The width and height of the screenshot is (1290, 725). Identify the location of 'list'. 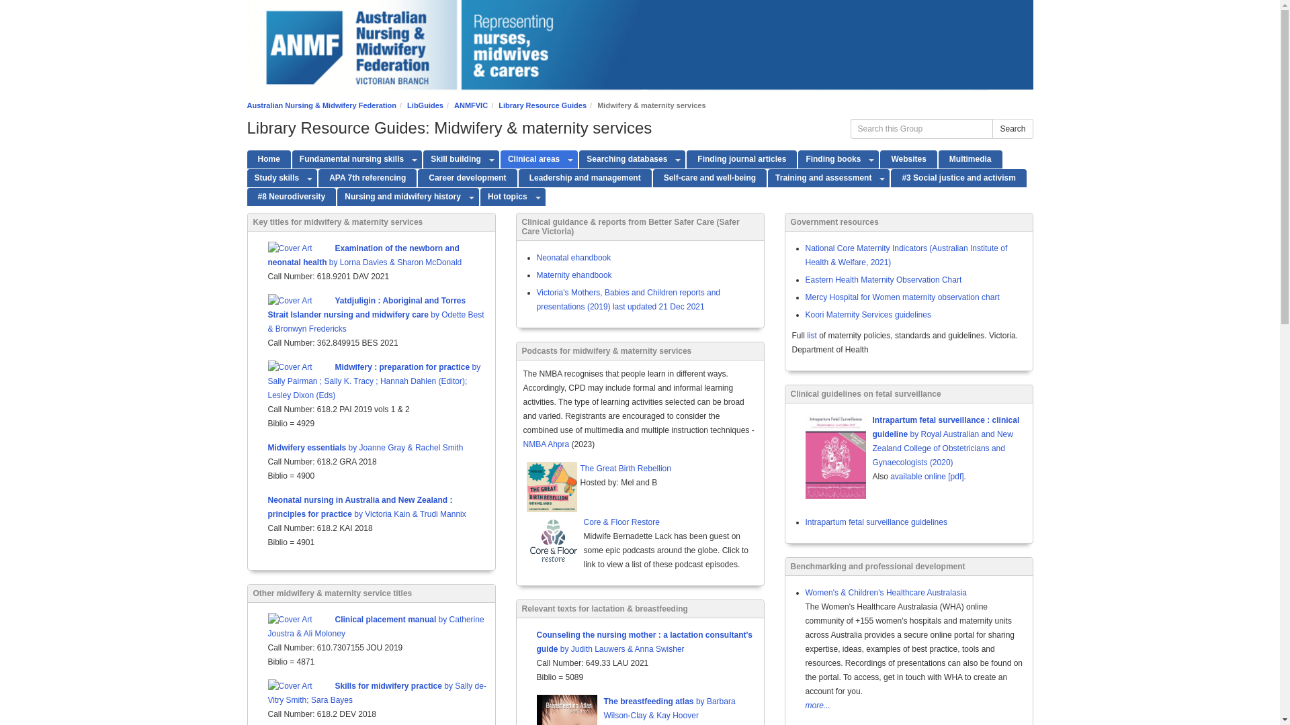
(811, 335).